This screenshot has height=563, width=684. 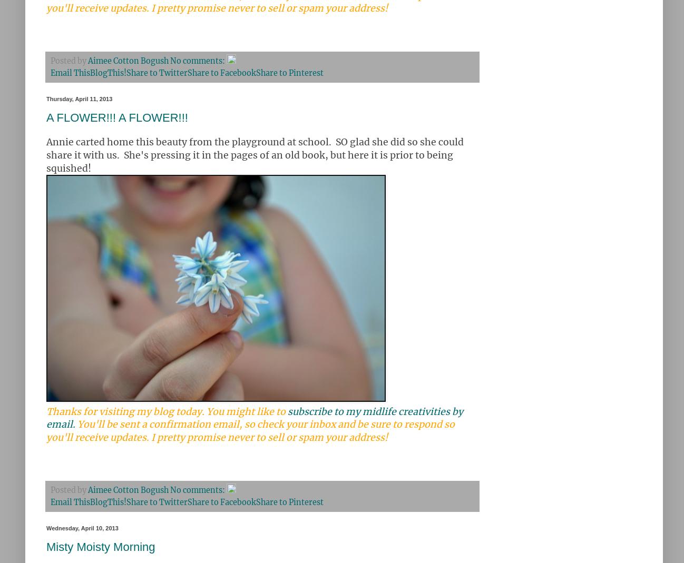 I want to click on 'Thursday, April 11, 2013', so click(x=79, y=99).